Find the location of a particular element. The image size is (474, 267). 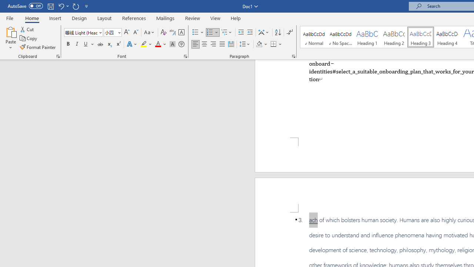

'Text Highlight Color' is located at coordinates (146, 44).